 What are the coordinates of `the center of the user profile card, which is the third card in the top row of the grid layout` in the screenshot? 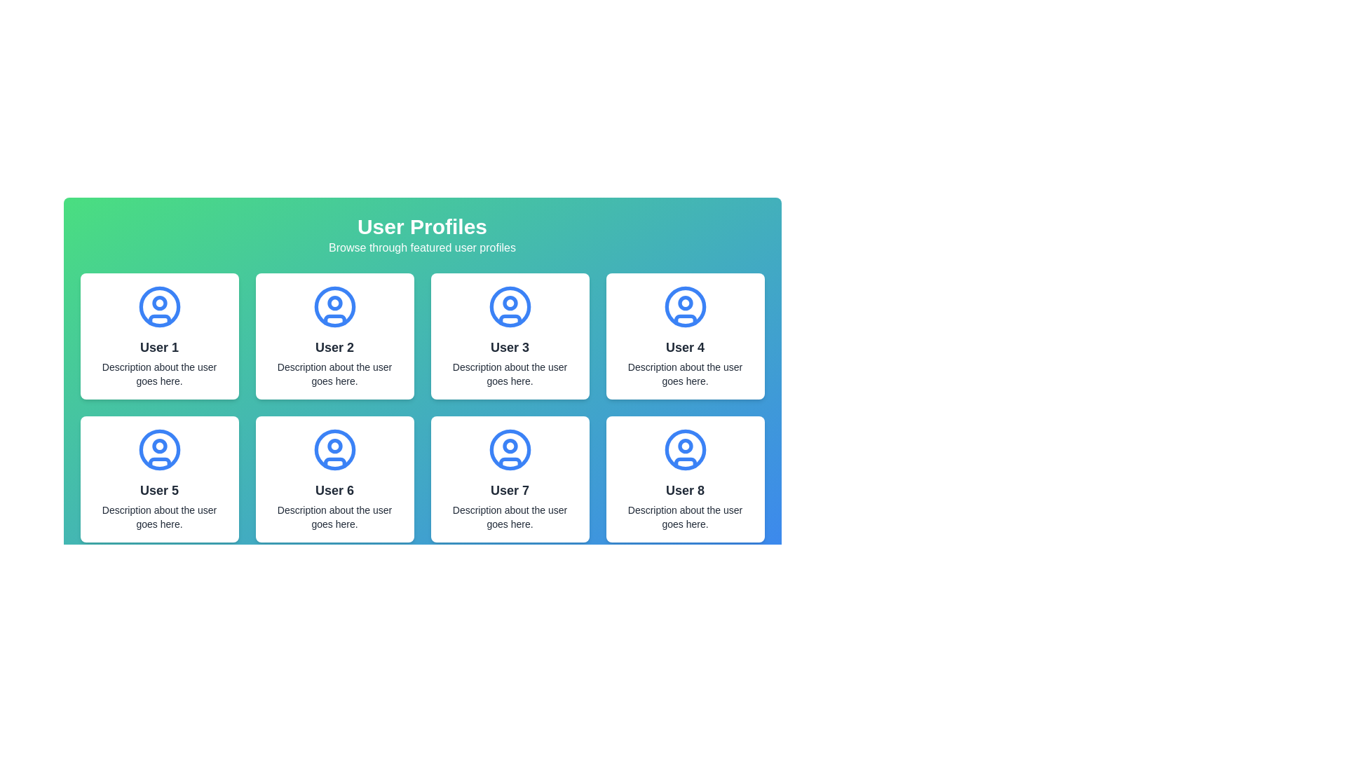 It's located at (509, 336).